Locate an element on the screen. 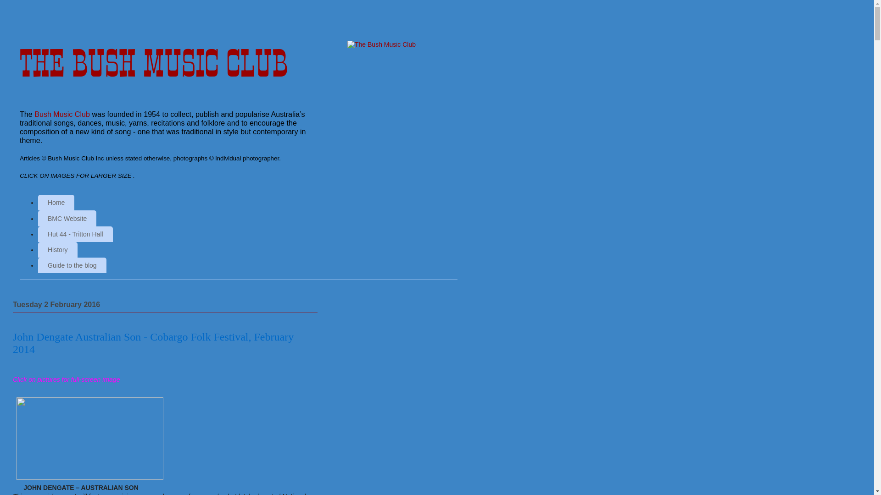 Image resolution: width=881 pixels, height=495 pixels. 'History' is located at coordinates (37, 249).